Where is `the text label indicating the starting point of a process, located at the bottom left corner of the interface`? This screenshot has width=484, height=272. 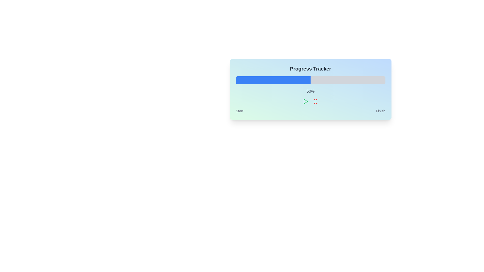
the text label indicating the starting point of a process, located at the bottom left corner of the interface is located at coordinates (239, 111).